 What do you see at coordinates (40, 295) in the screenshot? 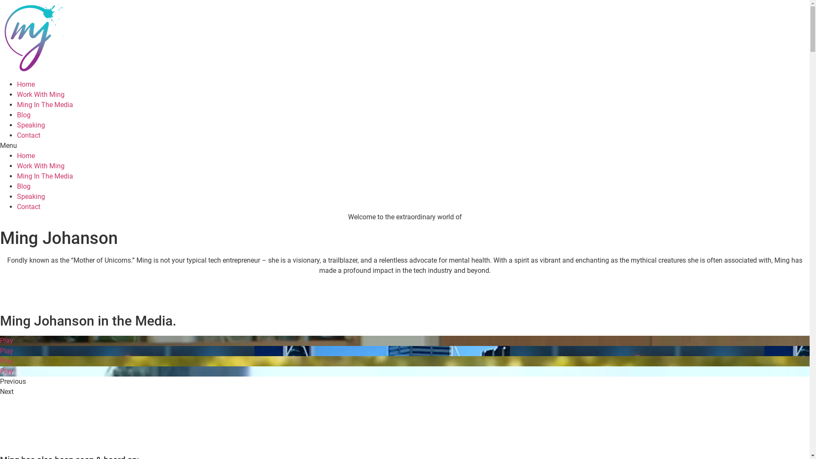
I see `'Work with Ming'` at bounding box center [40, 295].